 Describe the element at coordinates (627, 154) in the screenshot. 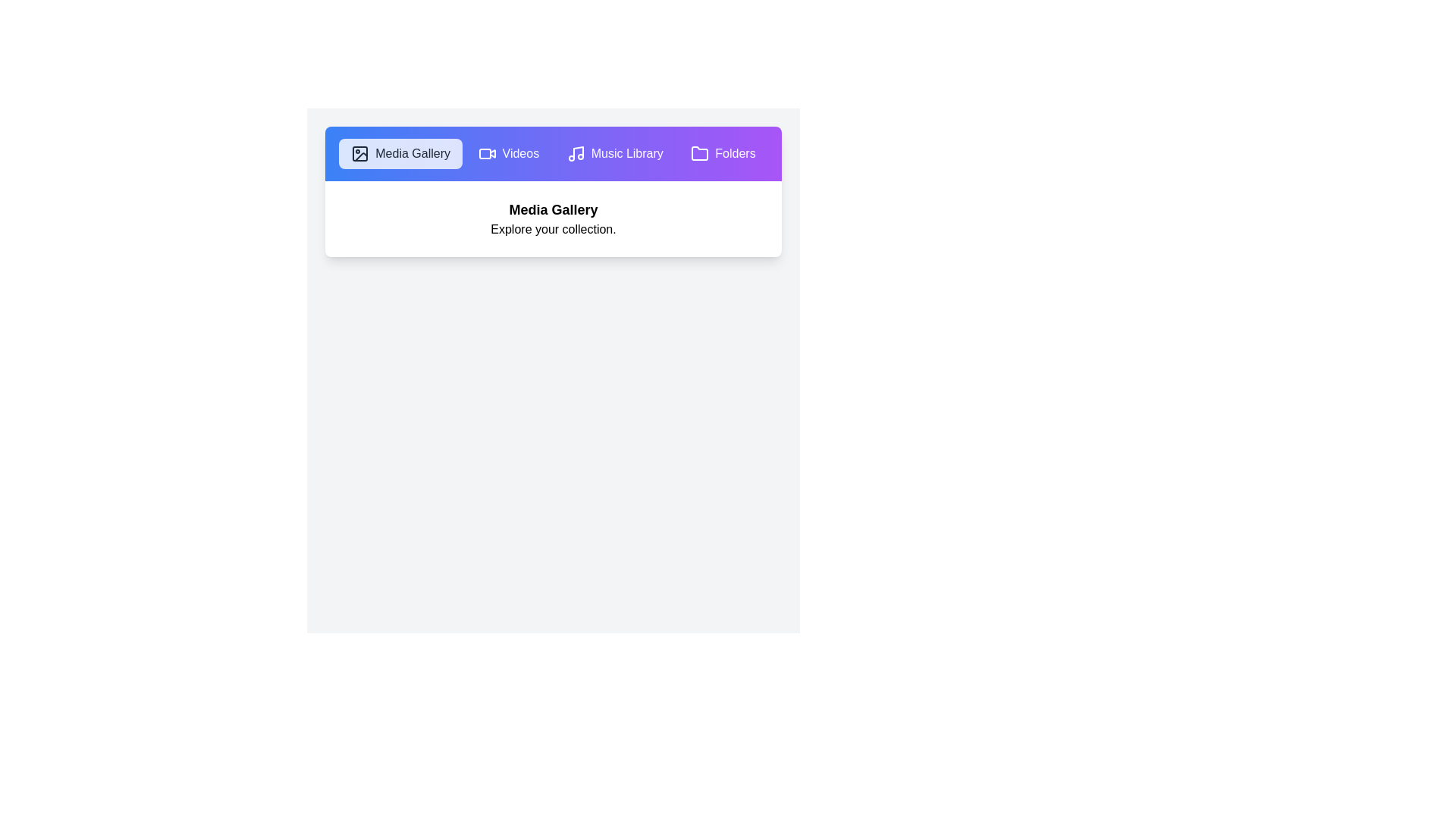

I see `text label within the button that indicates 'Music Library', located in the horizontal navigation bar, third from the left` at that location.